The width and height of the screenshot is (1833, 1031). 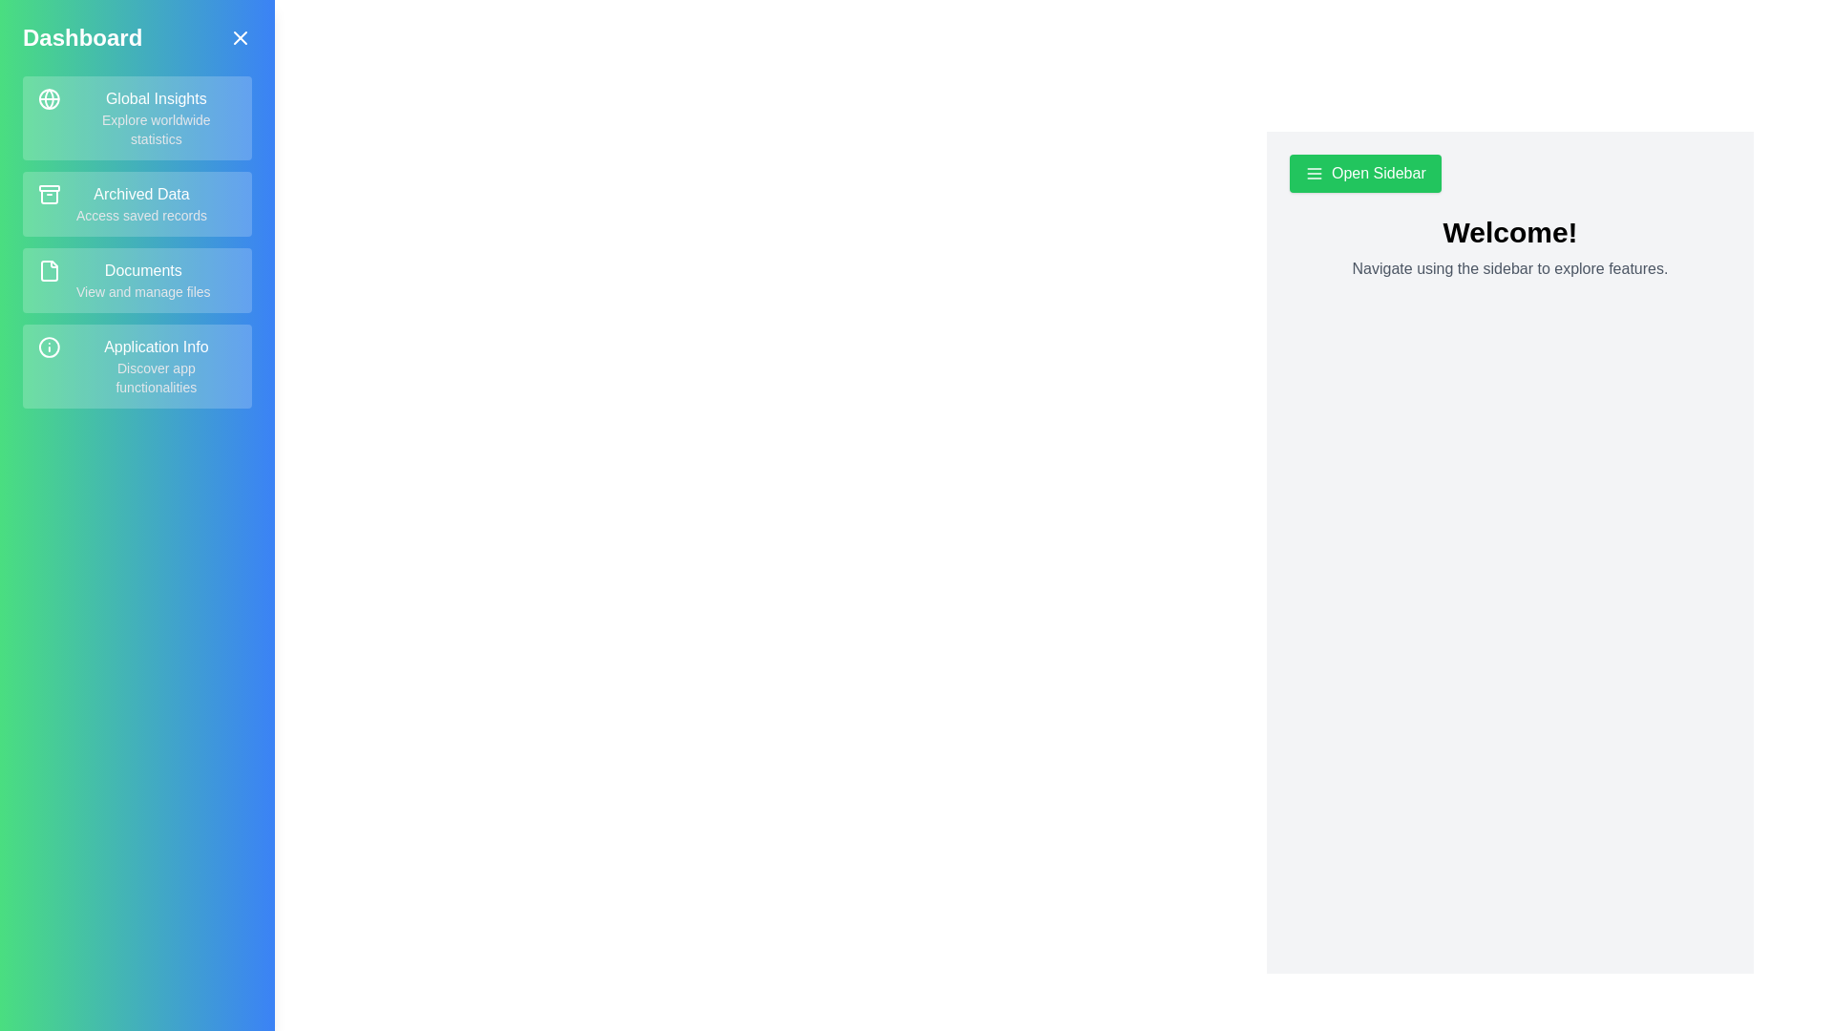 What do you see at coordinates (137, 367) in the screenshot?
I see `the menu item Application Info in the sidebar` at bounding box center [137, 367].